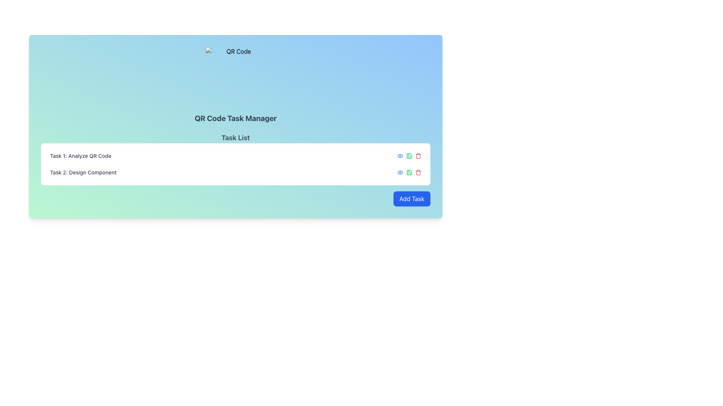 The width and height of the screenshot is (723, 406). Describe the element at coordinates (411, 198) in the screenshot. I see `the button located at the bottom-right corner of the visible card layout to observe its state change` at that location.